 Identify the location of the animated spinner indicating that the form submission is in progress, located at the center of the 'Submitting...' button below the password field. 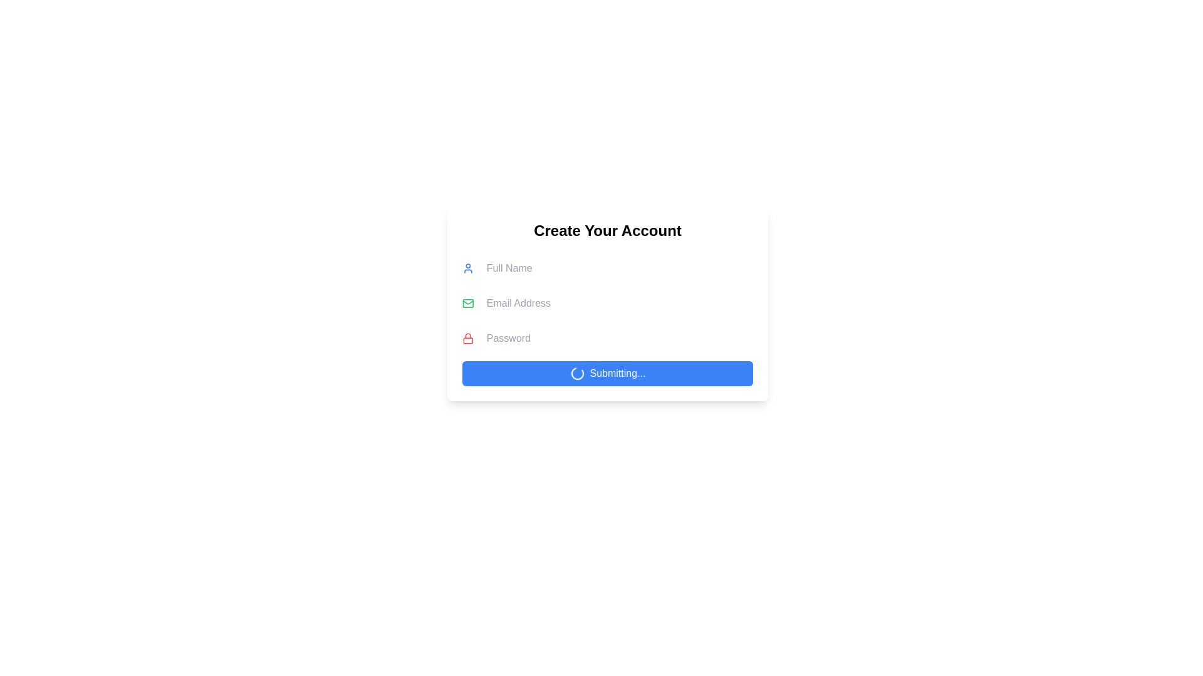
(576, 373).